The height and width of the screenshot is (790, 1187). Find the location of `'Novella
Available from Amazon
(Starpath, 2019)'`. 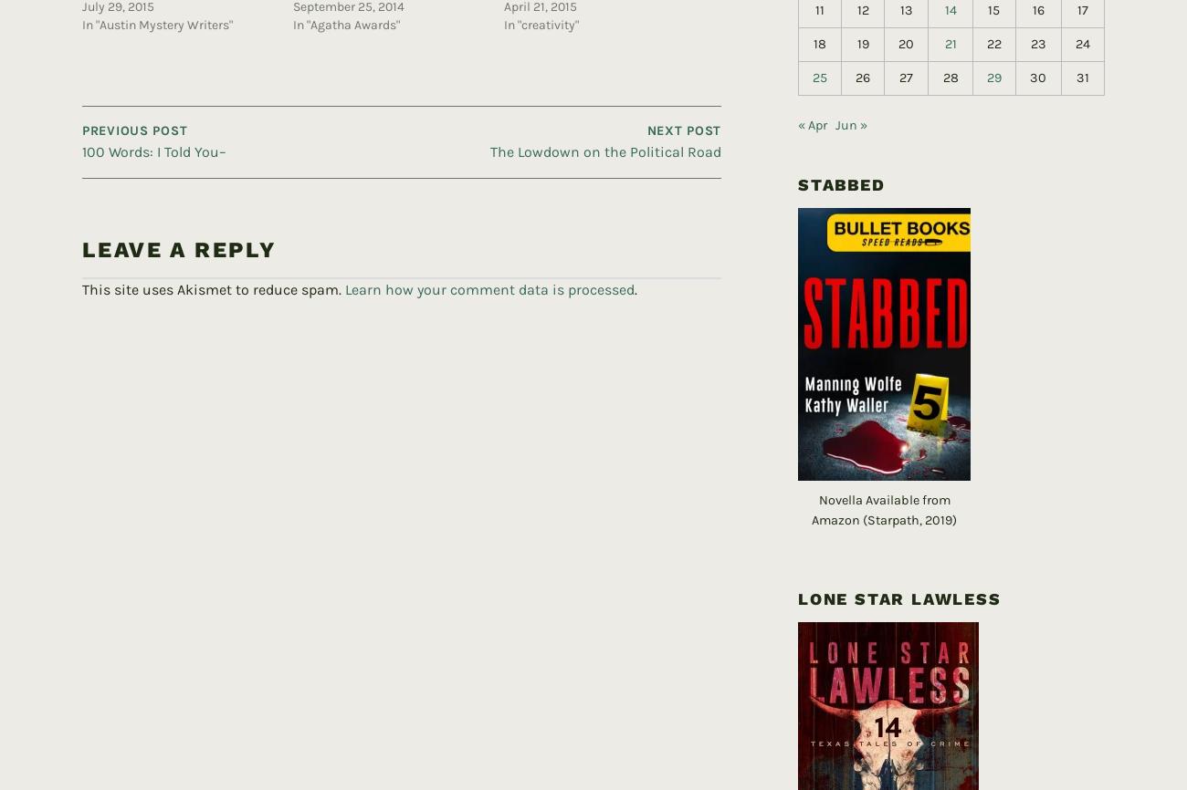

'Novella
Available from Amazon
(Starpath, 2019)' is located at coordinates (810, 480).